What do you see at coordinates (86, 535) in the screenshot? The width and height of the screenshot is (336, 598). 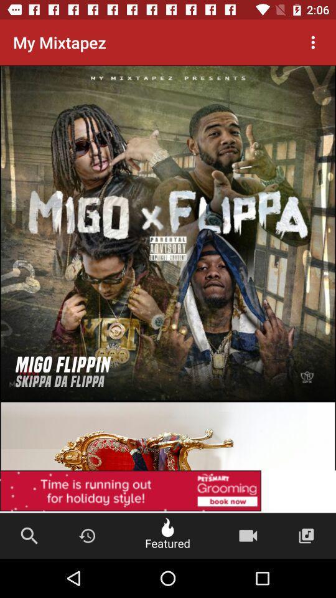 I see `the button beside the search icon at the bottom of the page` at bounding box center [86, 535].